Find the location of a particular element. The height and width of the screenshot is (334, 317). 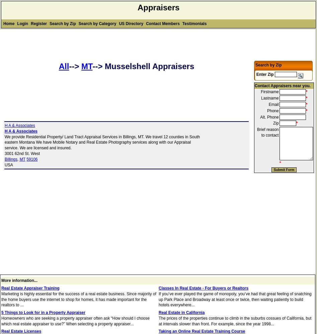

'Contact Appraisers near you.' is located at coordinates (255, 86).